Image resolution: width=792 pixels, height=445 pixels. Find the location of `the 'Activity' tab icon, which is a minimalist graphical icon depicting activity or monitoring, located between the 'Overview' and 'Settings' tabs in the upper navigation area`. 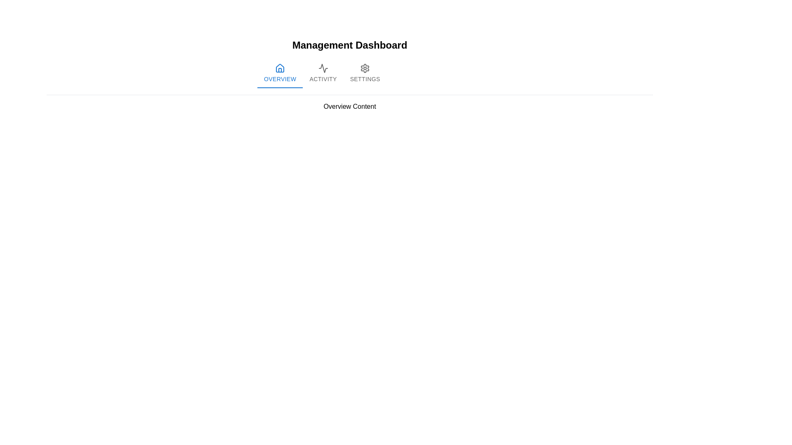

the 'Activity' tab icon, which is a minimalist graphical icon depicting activity or monitoring, located between the 'Overview' and 'Settings' tabs in the upper navigation area is located at coordinates (323, 68).